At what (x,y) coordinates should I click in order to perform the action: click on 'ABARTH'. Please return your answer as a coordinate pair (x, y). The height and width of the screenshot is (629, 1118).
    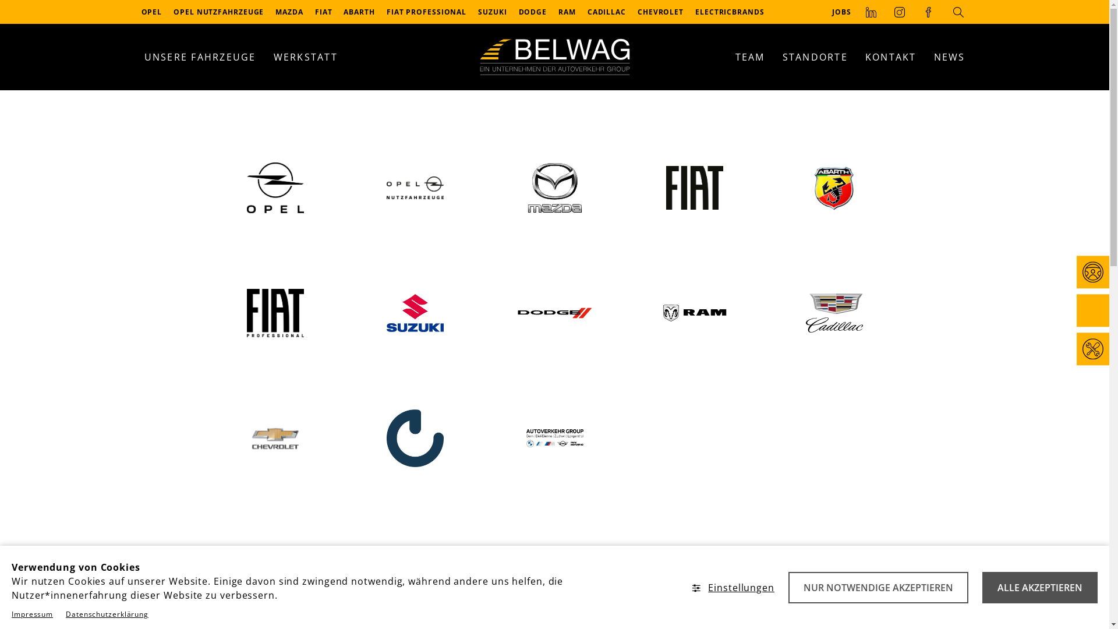
    Looking at the image, I should click on (358, 12).